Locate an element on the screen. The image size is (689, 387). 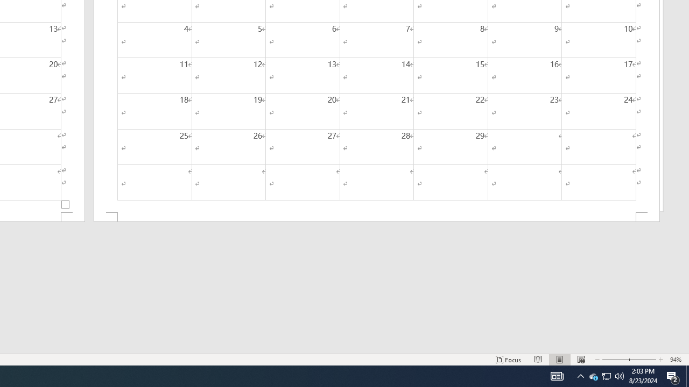
'Notification Chevron' is located at coordinates (580, 375).